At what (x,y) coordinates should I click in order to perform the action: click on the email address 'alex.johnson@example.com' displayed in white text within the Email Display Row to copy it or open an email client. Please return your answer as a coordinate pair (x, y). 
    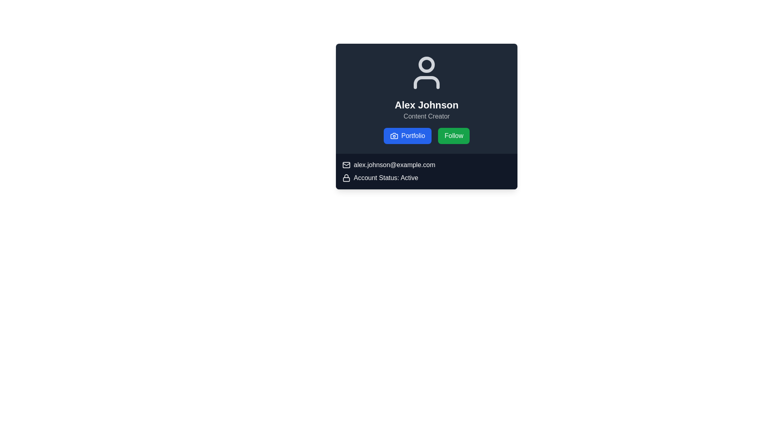
    Looking at the image, I should click on (426, 165).